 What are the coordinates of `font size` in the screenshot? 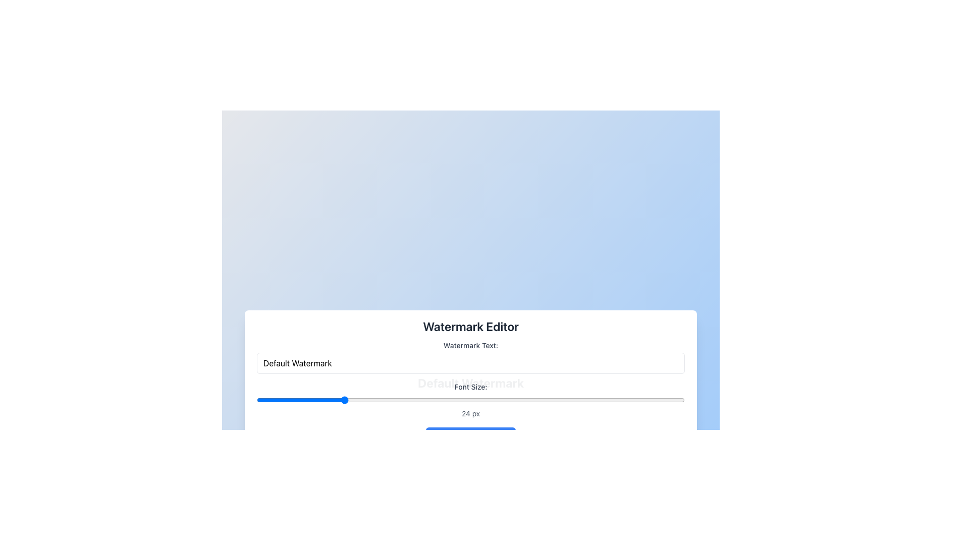 It's located at (293, 400).